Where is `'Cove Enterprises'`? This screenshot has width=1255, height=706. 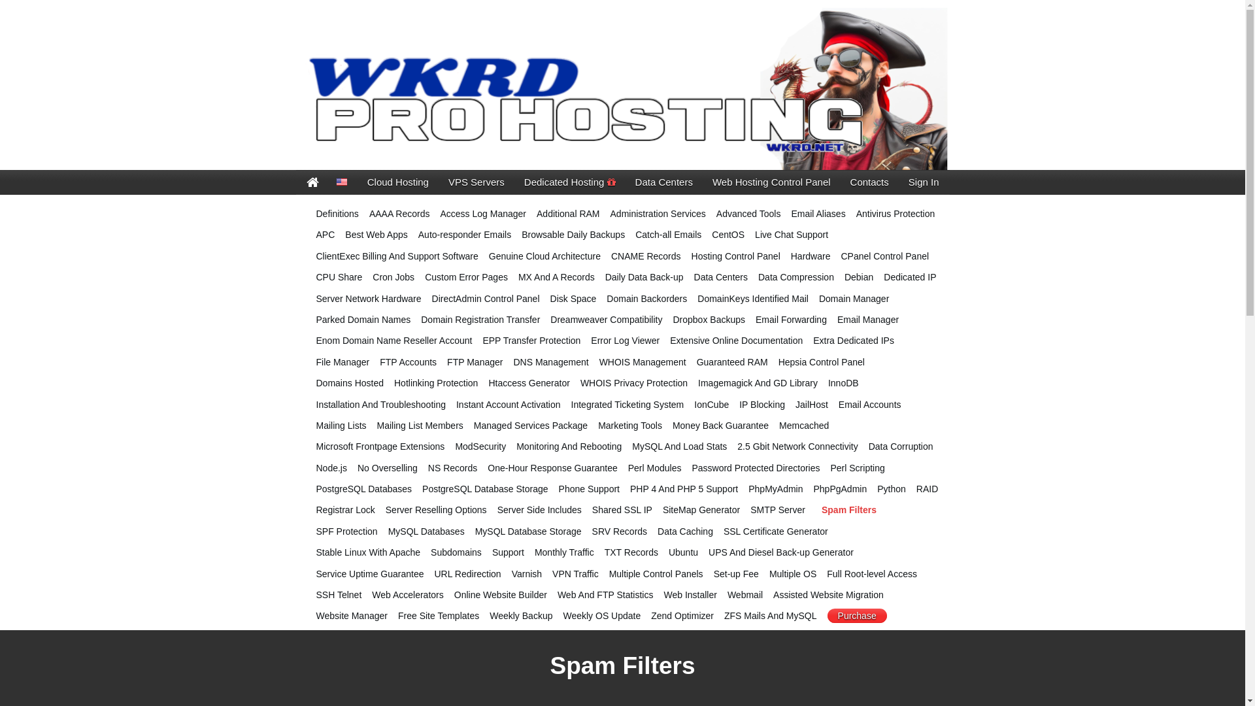 'Cove Enterprises' is located at coordinates (305, 182).